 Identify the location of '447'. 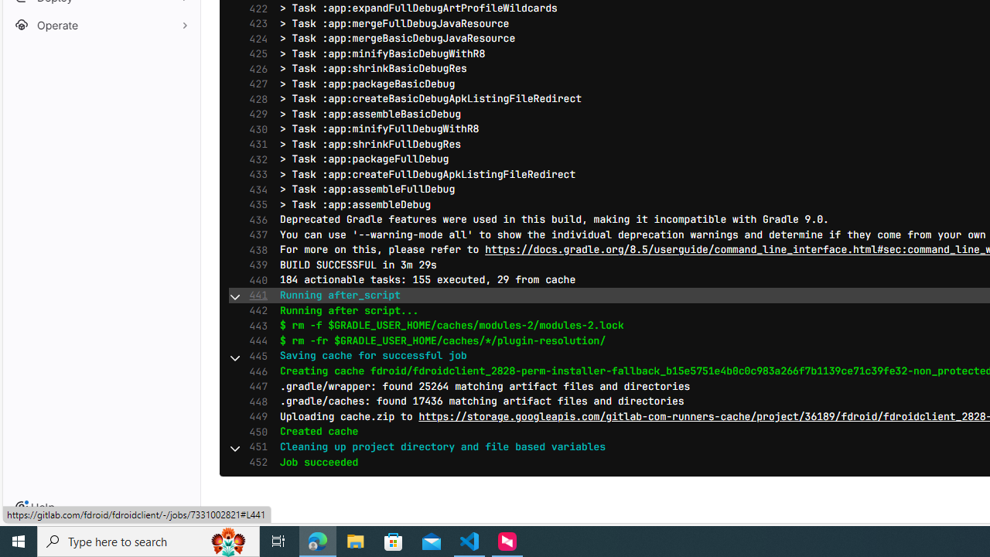
(254, 386).